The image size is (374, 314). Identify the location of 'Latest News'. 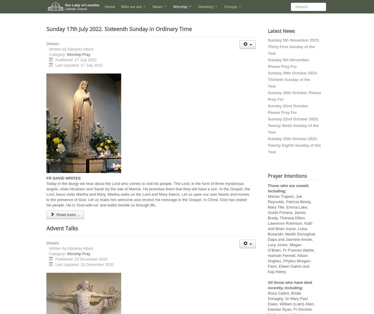
(268, 31).